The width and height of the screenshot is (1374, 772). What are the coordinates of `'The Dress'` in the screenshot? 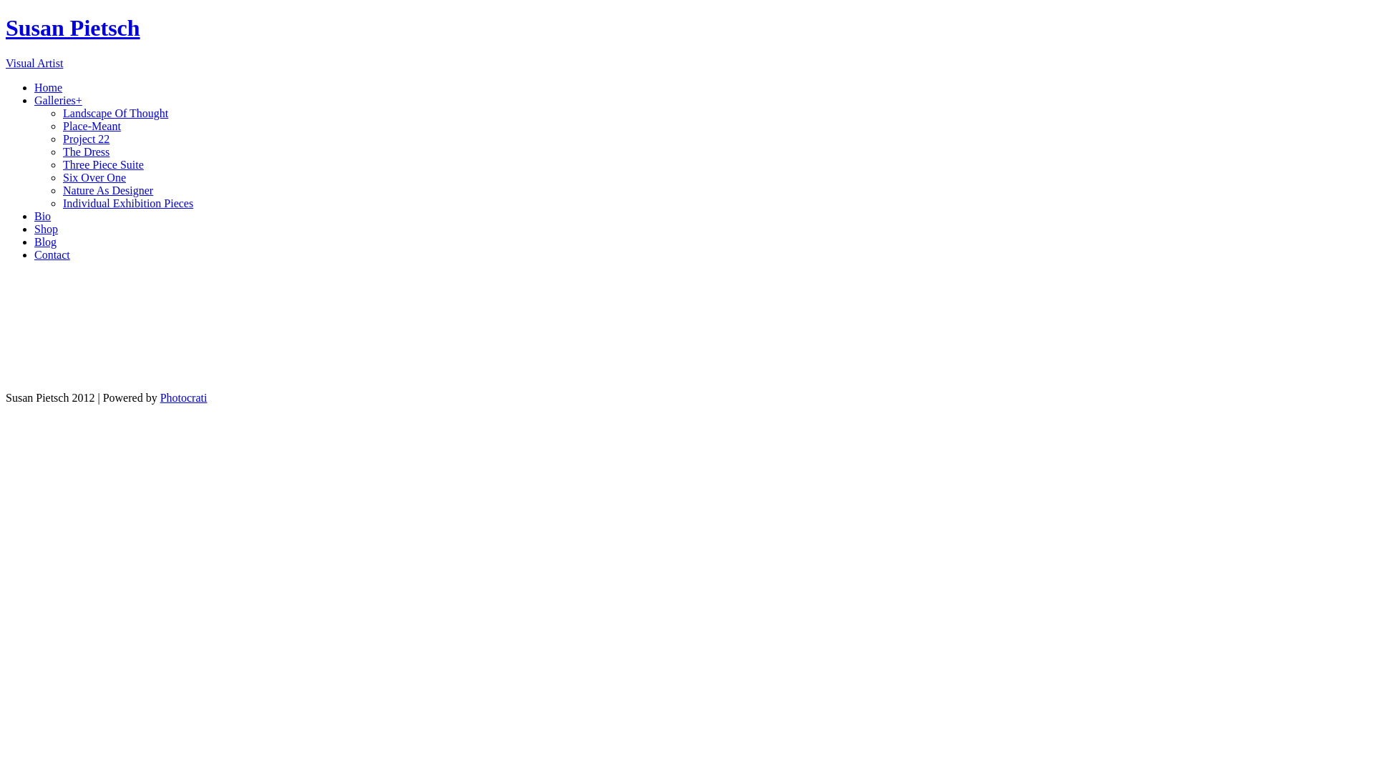 It's located at (62, 152).